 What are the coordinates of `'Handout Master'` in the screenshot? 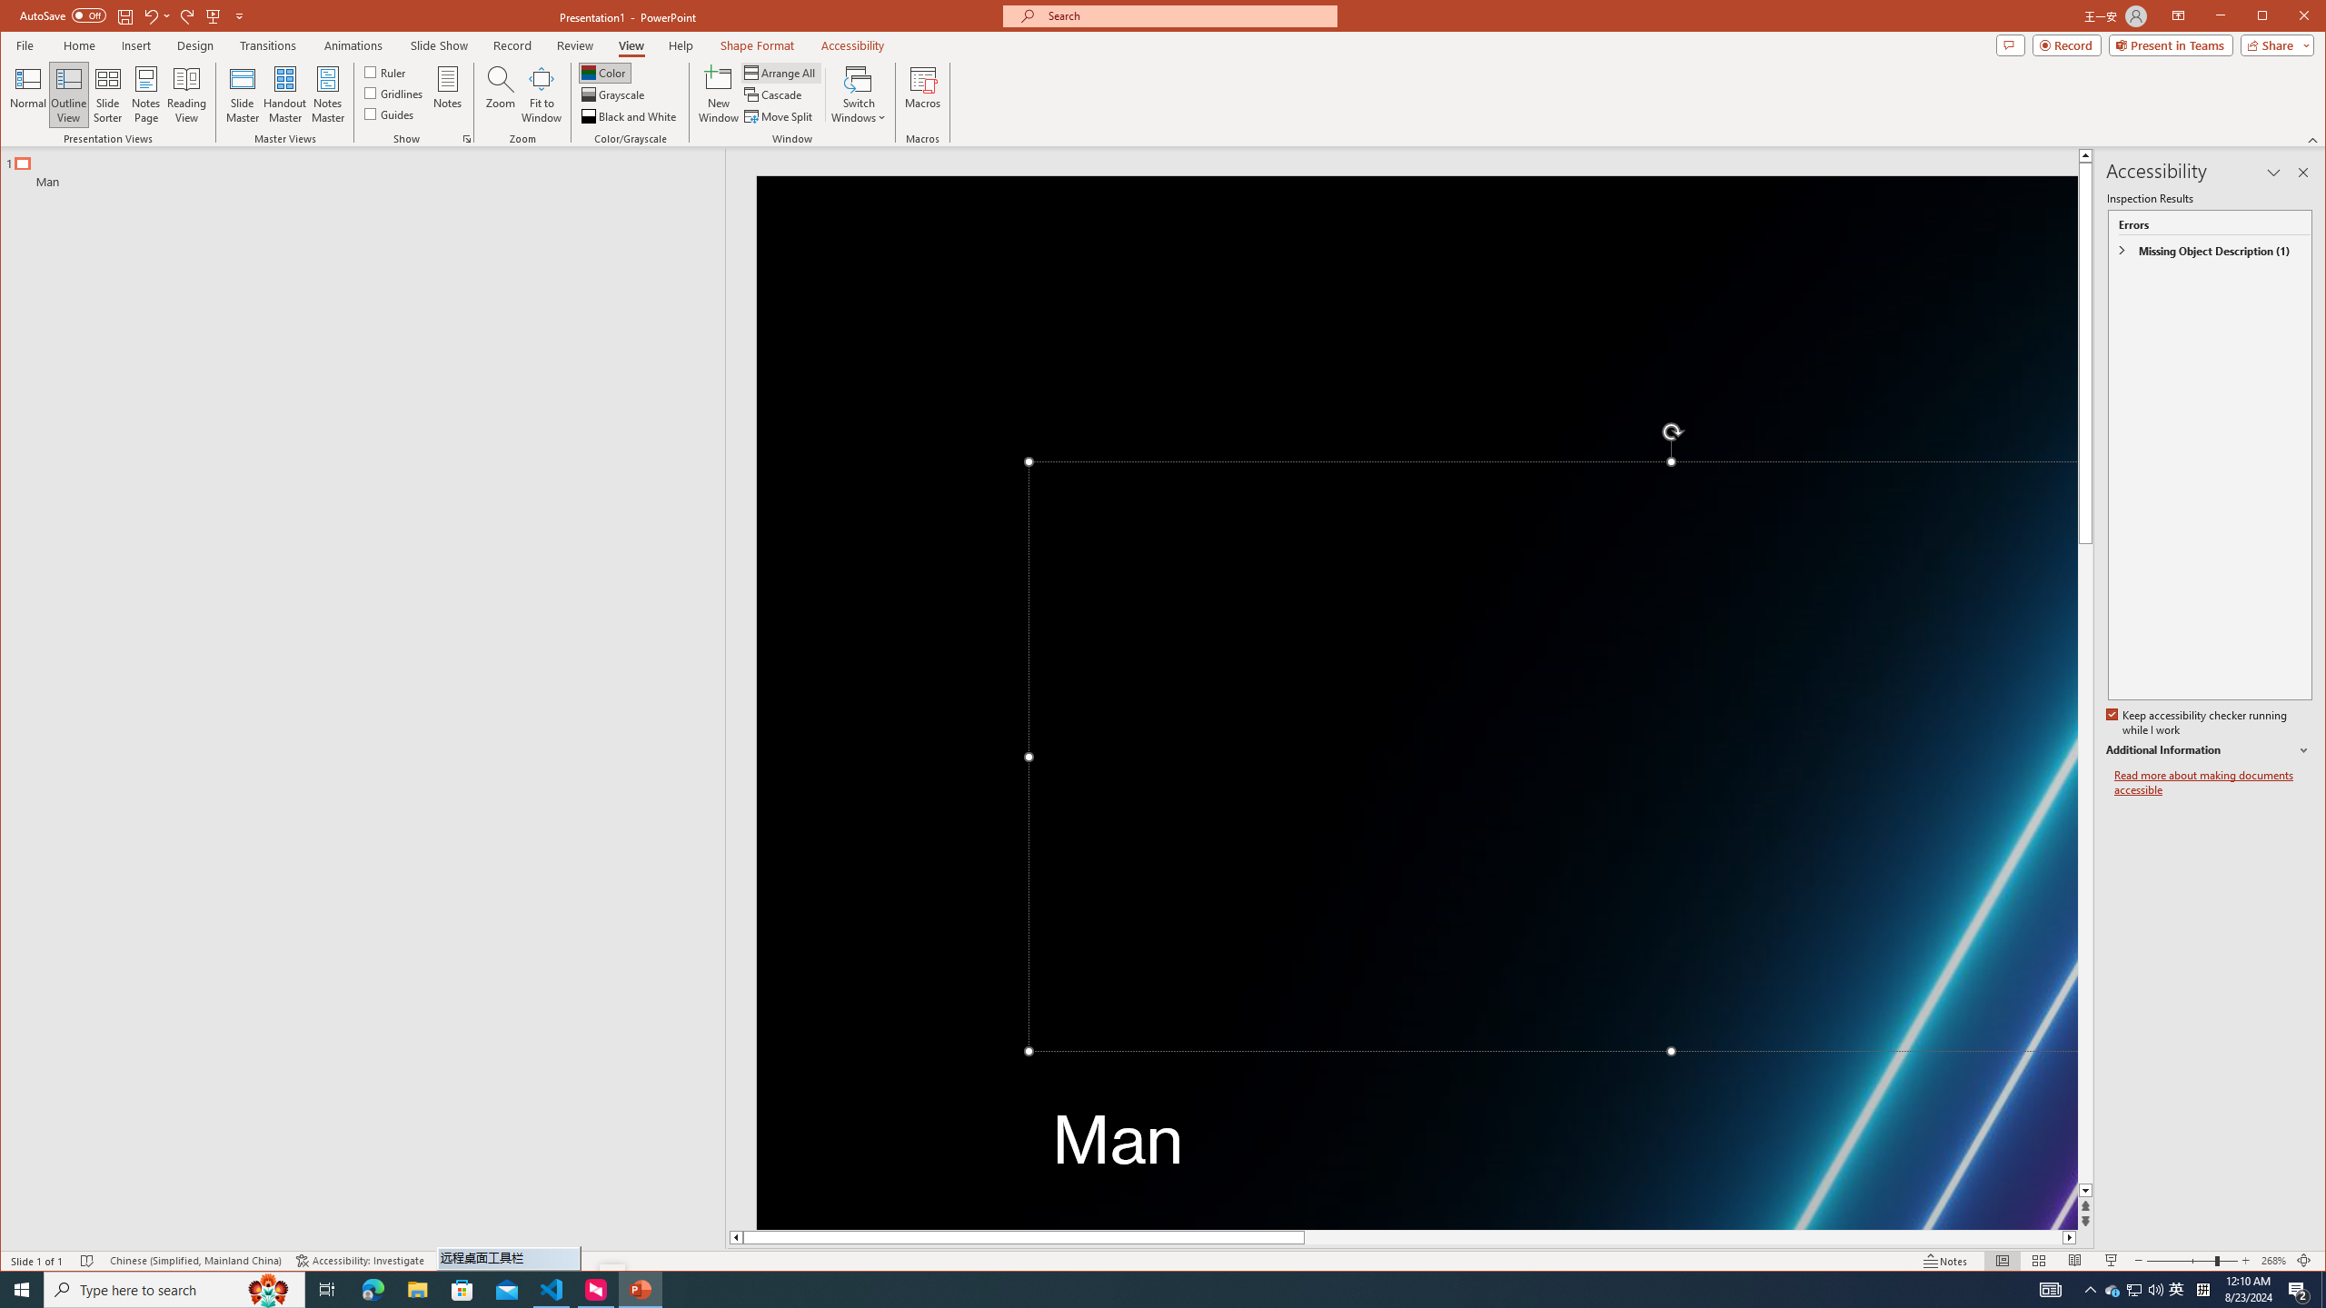 It's located at (284, 94).